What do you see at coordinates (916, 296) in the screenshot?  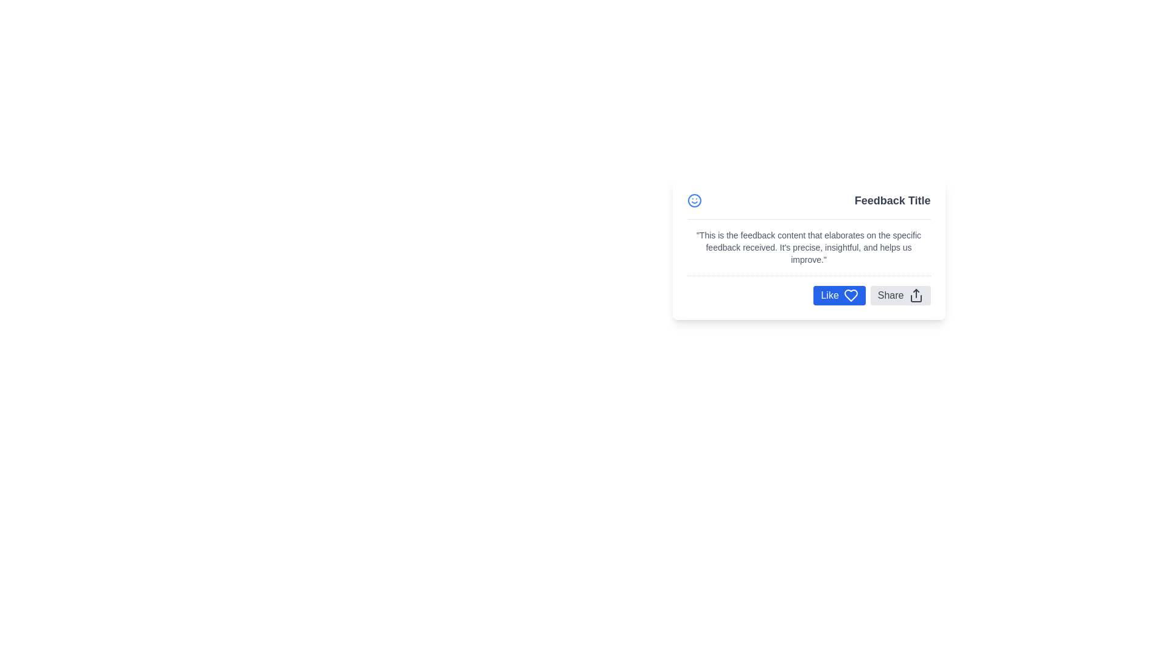 I see `the 'Share' icon button` at bounding box center [916, 296].